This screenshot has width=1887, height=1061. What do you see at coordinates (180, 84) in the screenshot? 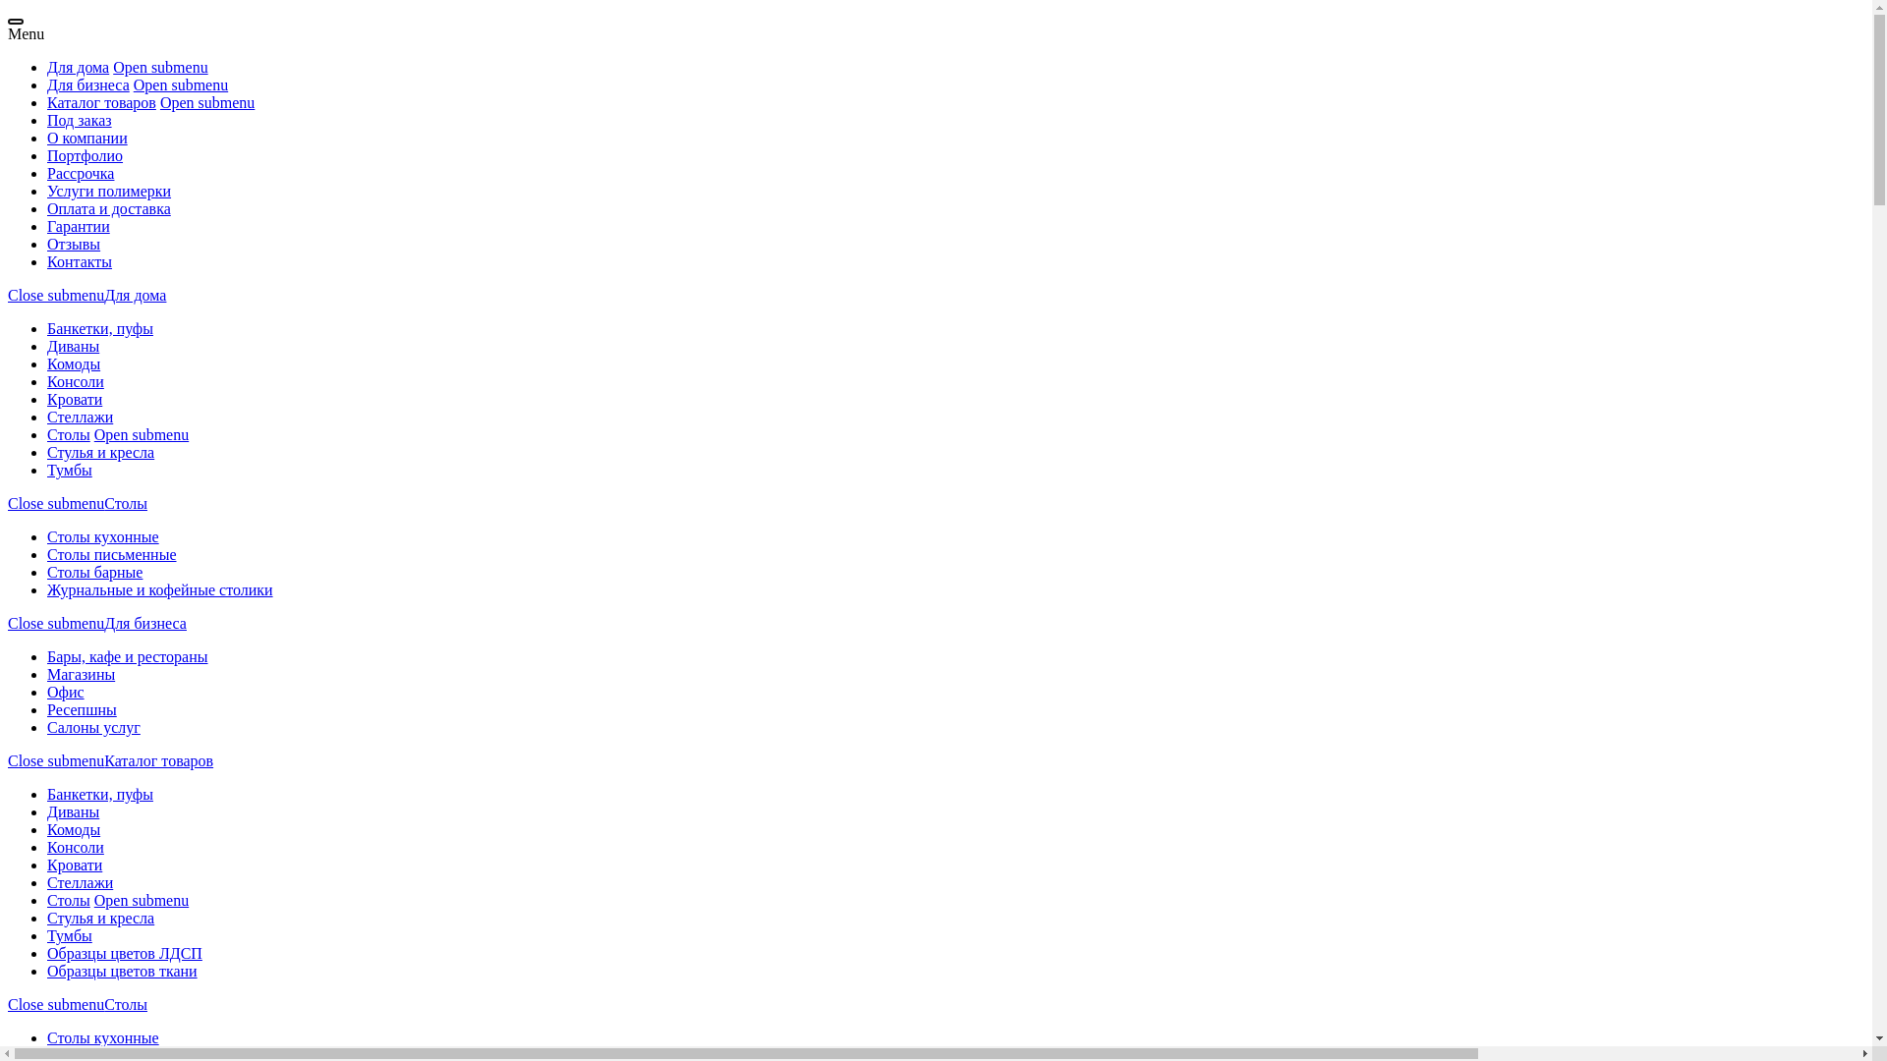
I see `'Open submenu'` at bounding box center [180, 84].